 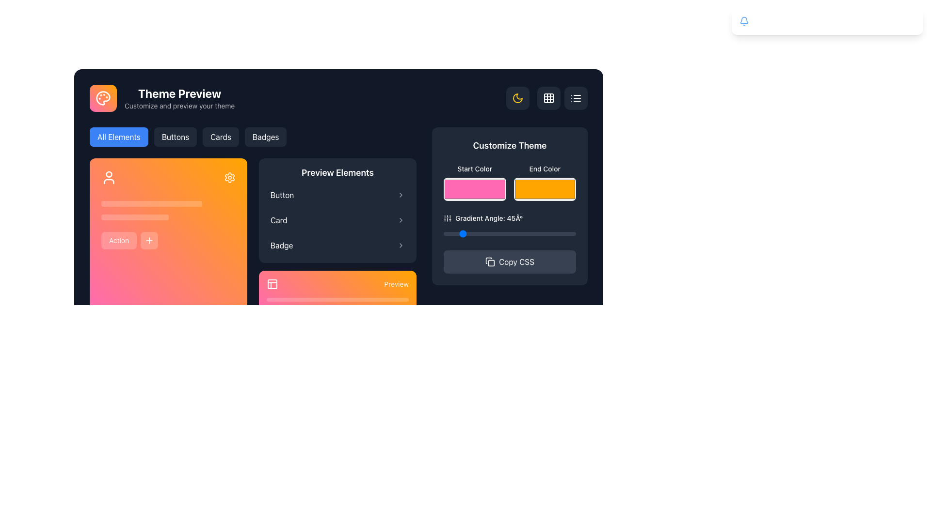 I want to click on keyboard navigation, so click(x=909, y=21).